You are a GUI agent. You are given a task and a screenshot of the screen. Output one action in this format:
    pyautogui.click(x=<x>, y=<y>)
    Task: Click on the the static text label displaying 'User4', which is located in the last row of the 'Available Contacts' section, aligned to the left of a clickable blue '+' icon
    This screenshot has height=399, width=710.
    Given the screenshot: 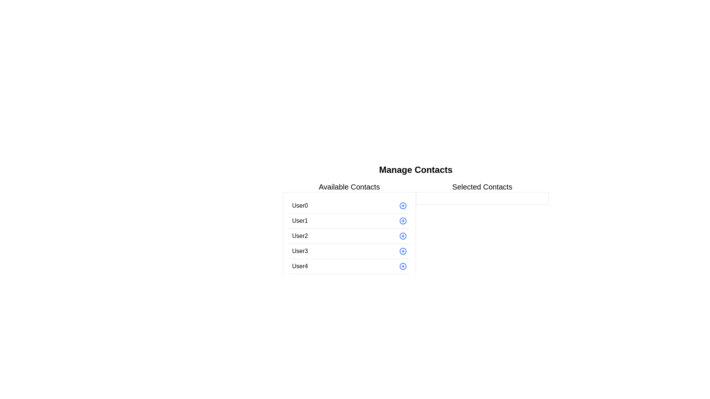 What is the action you would take?
    pyautogui.click(x=300, y=266)
    